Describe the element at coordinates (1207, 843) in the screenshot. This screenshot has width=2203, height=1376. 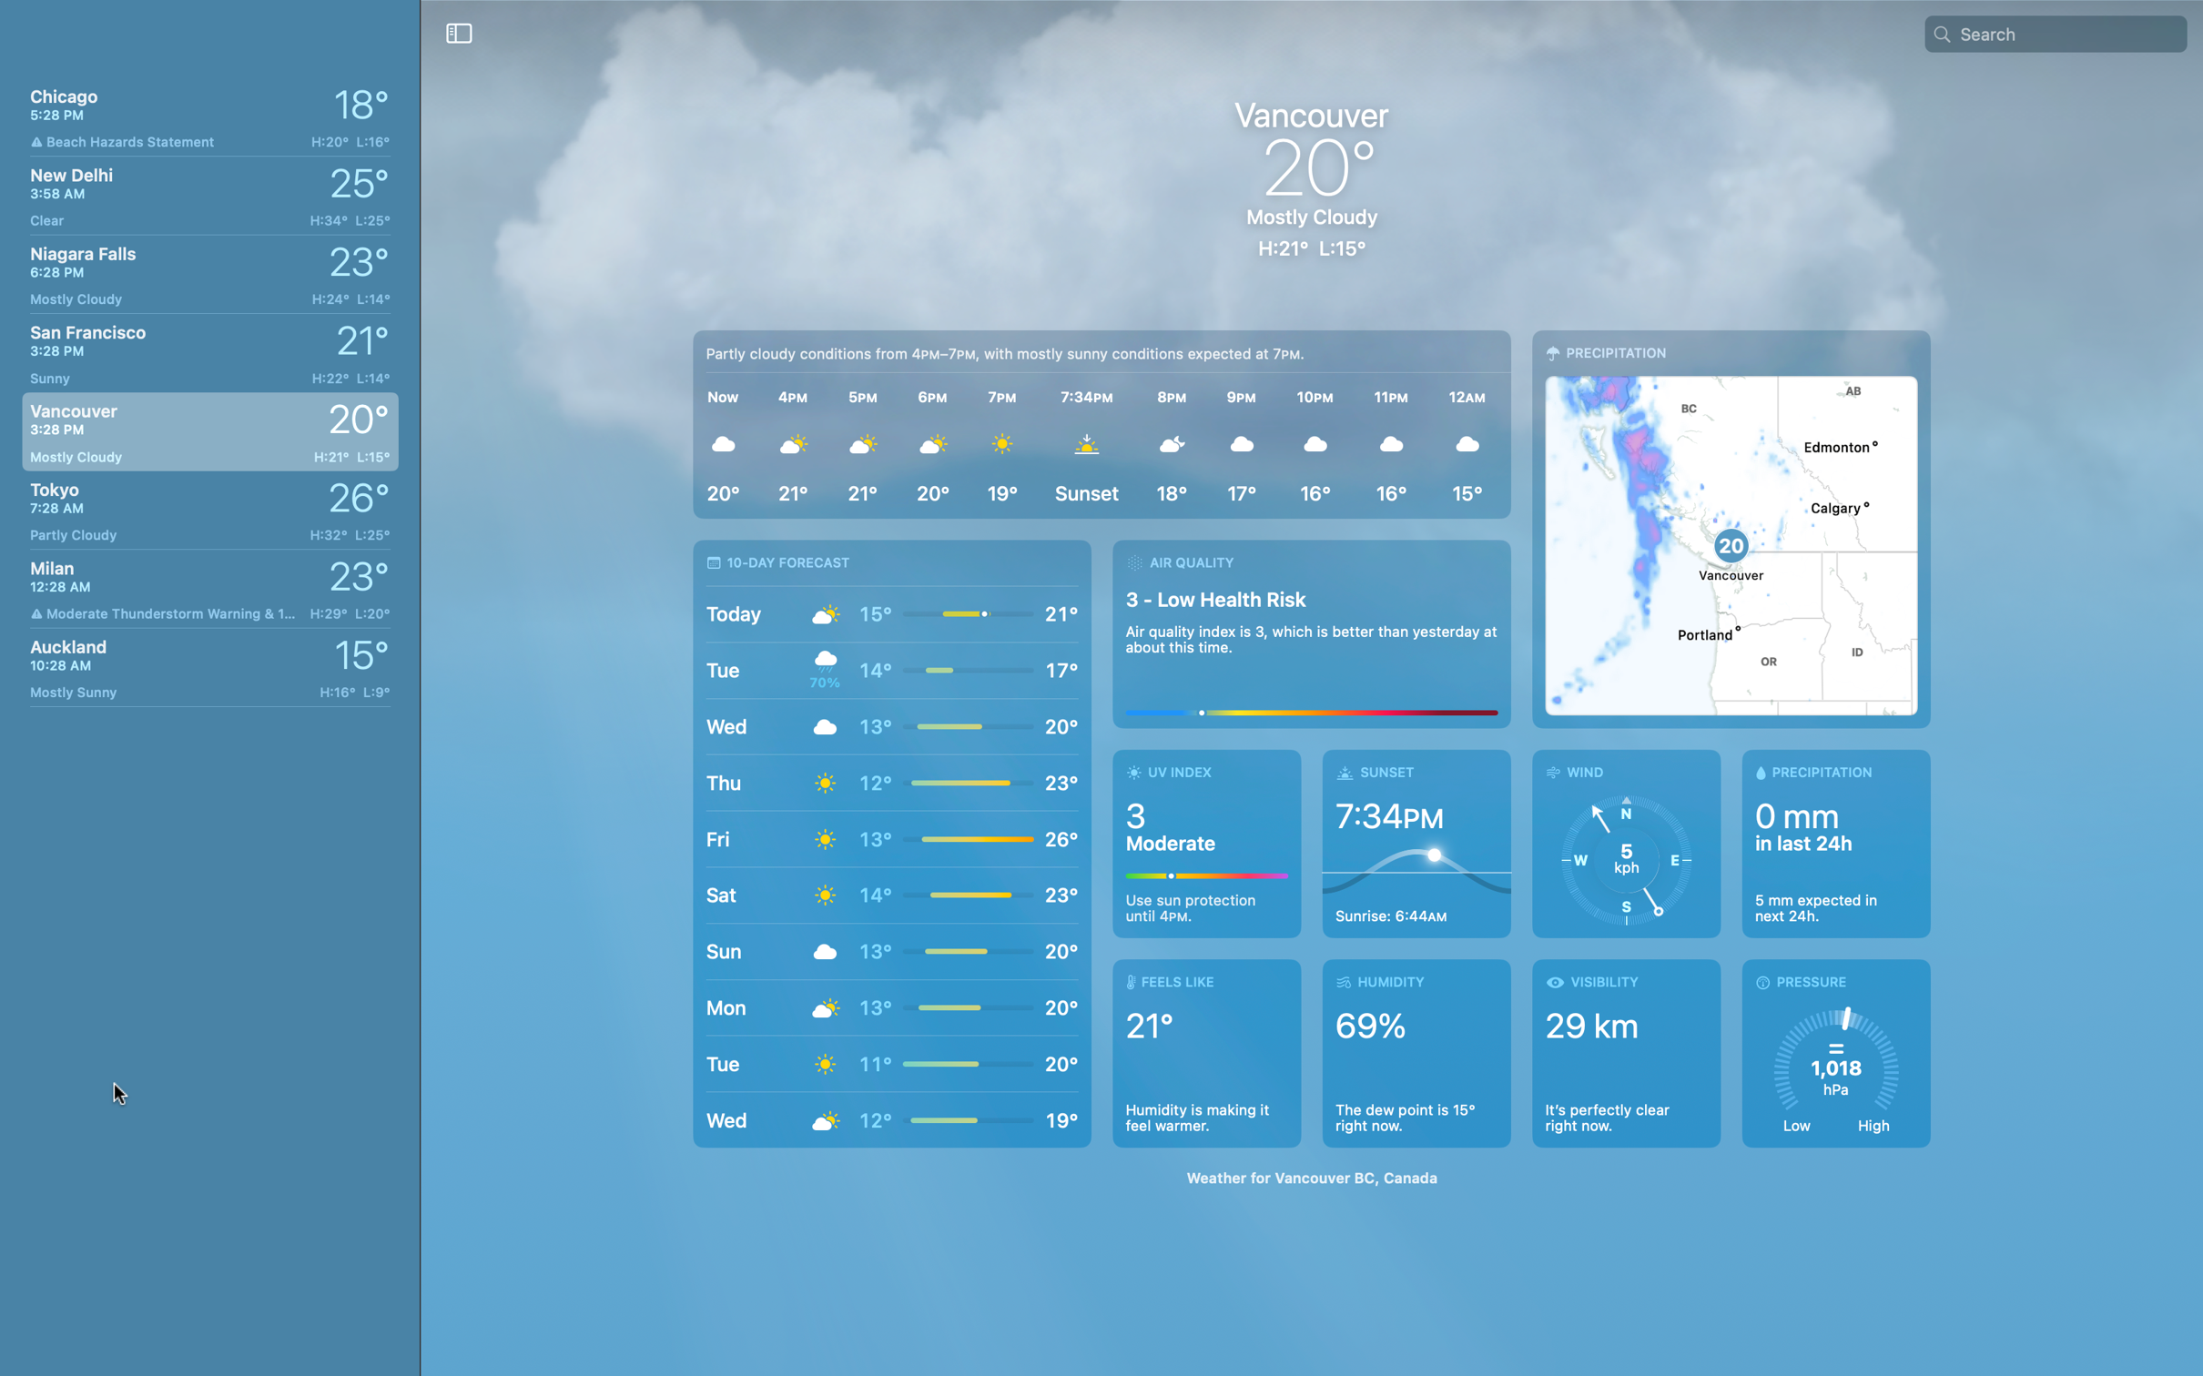
I see `Detect today"s UV level in Vancouver` at that location.